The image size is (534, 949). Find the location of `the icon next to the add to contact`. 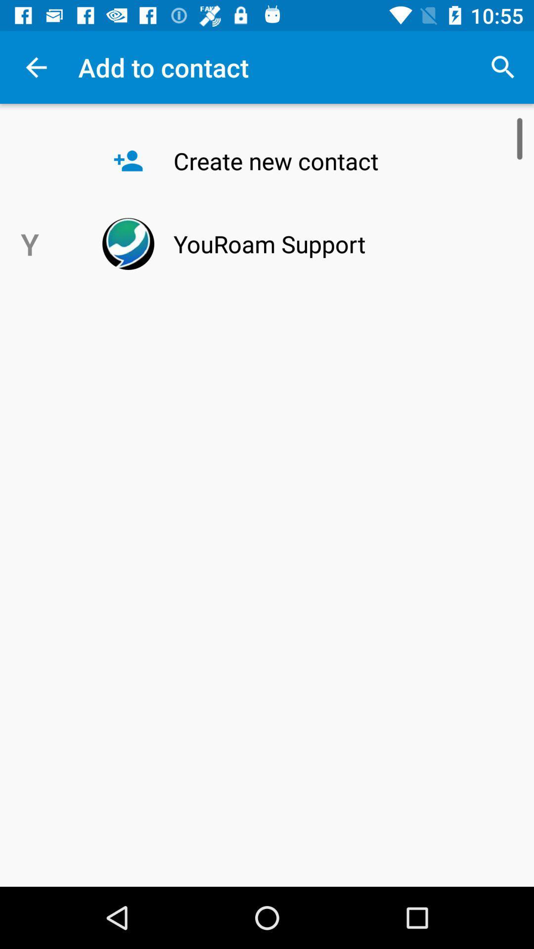

the icon next to the add to contact is located at coordinates (503, 67).